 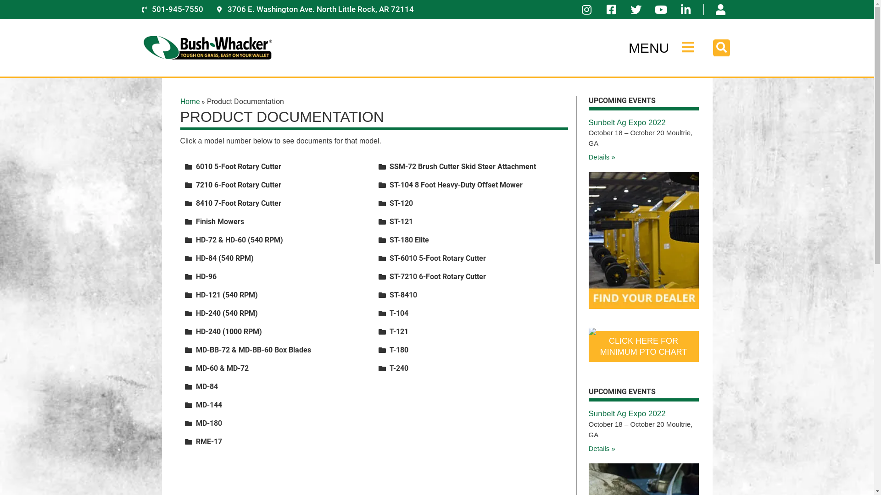 I want to click on 'ST-6010 5-Foot Rotary Cutter', so click(x=390, y=258).